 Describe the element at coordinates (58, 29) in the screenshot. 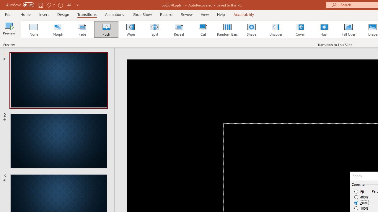

I see `'Morph'` at that location.